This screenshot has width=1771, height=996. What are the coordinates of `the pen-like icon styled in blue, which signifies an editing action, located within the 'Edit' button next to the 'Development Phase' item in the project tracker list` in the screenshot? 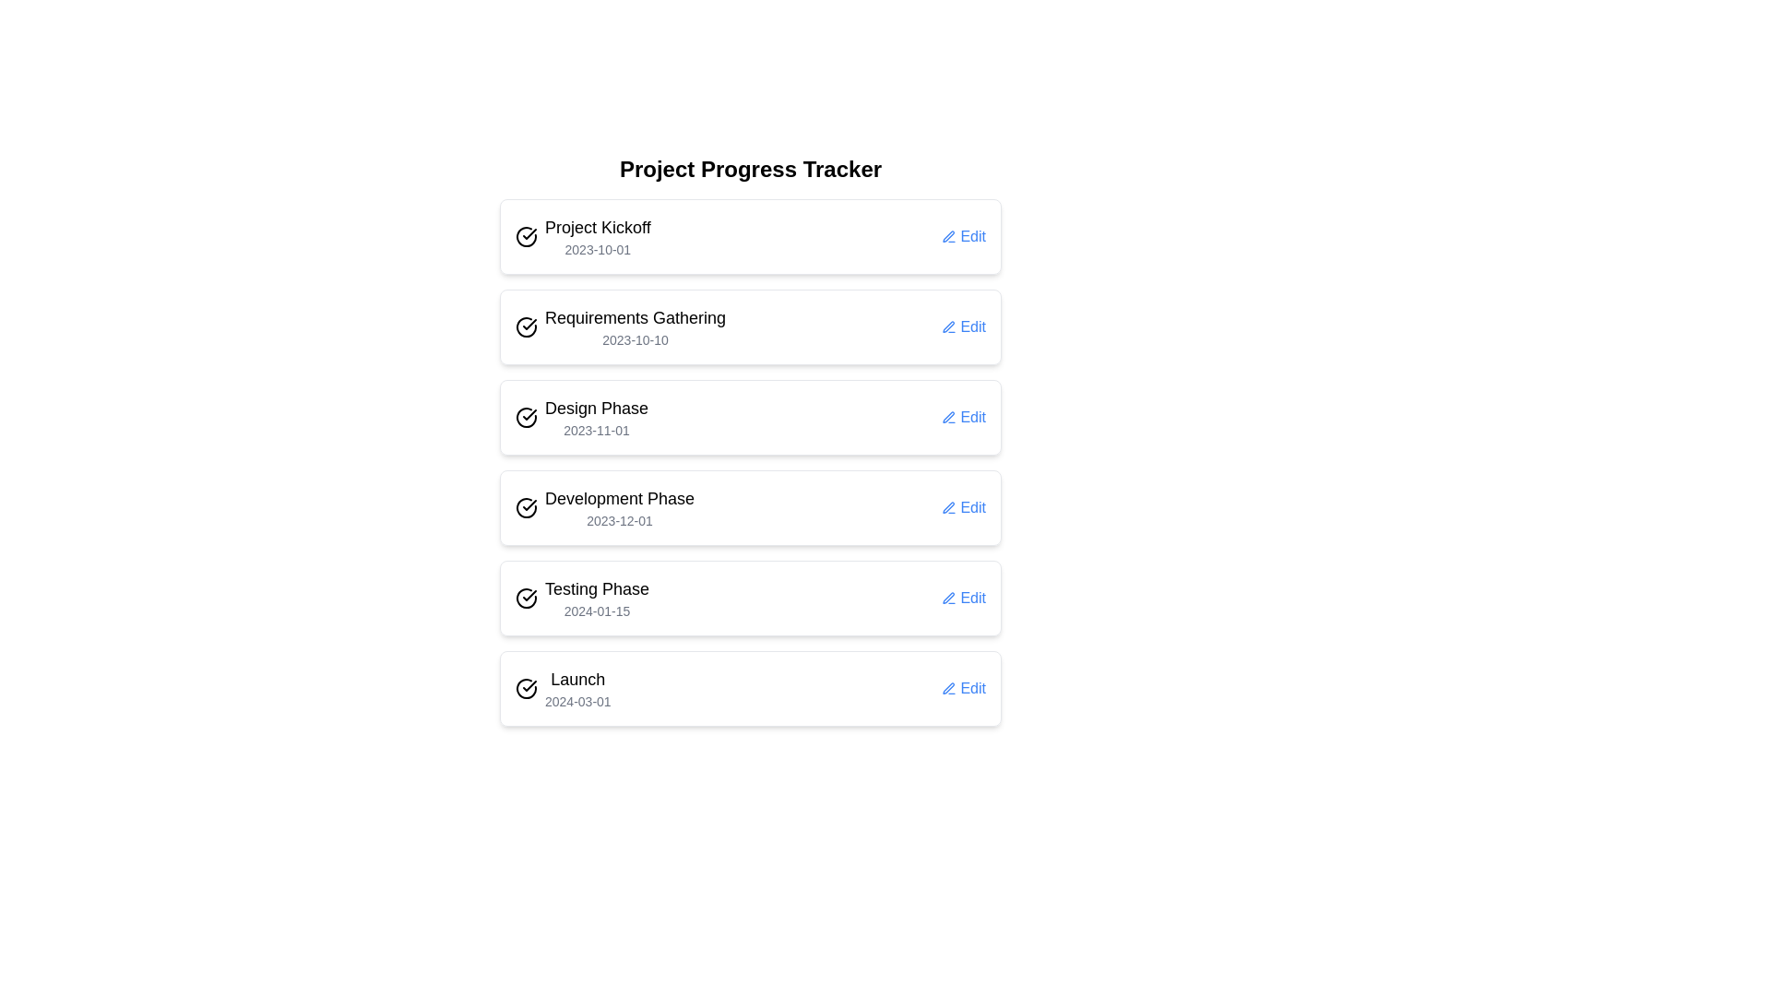 It's located at (949, 507).